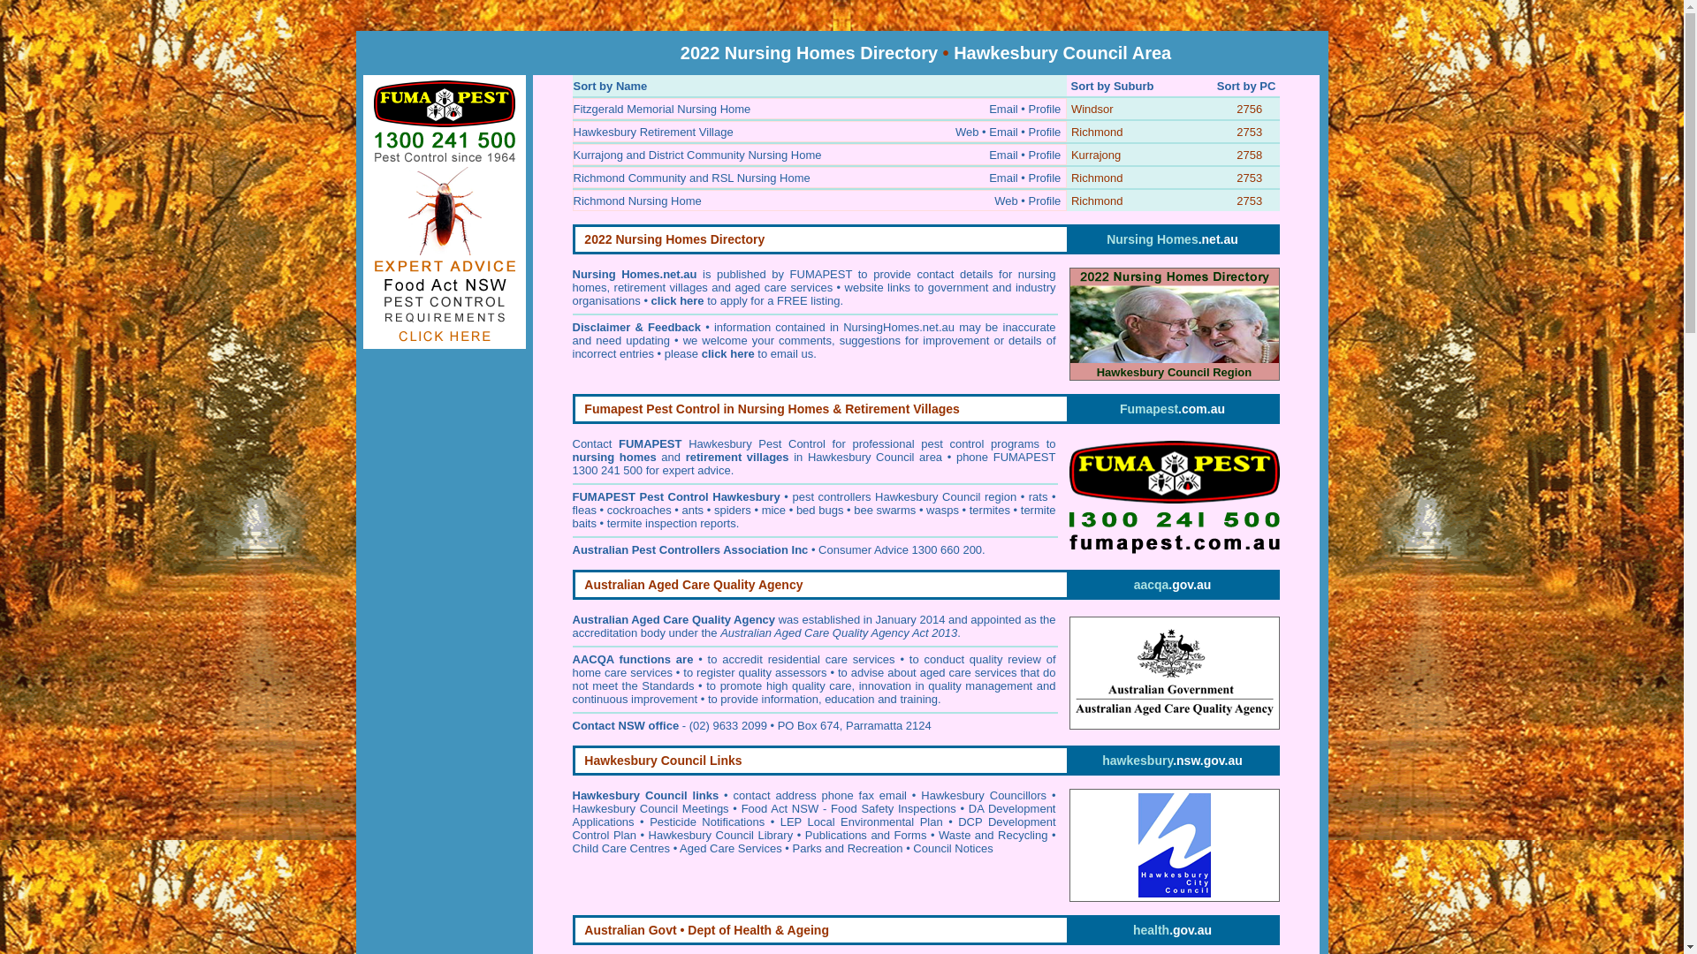  What do you see at coordinates (912, 847) in the screenshot?
I see `'Council Notices'` at bounding box center [912, 847].